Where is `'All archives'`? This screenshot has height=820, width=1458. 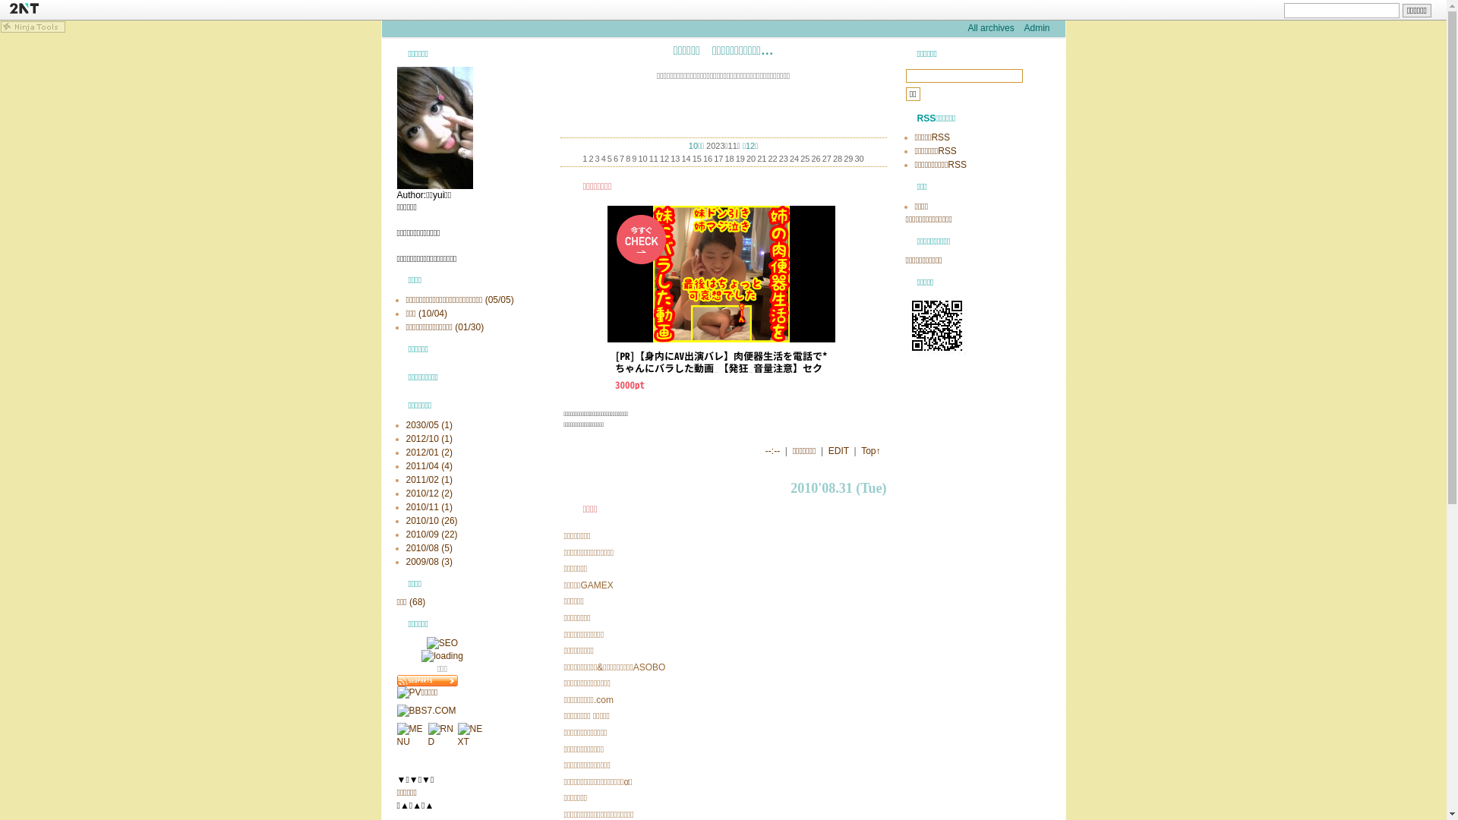 'All archives' is located at coordinates (990, 28).